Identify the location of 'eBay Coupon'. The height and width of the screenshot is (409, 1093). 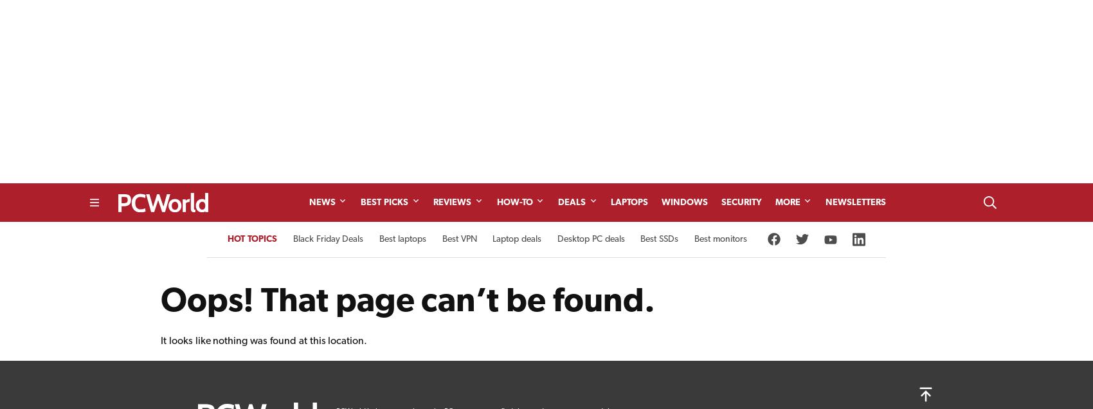
(752, 289).